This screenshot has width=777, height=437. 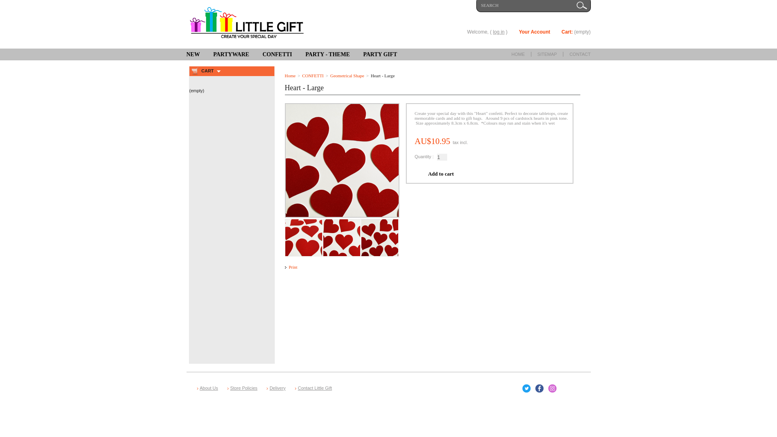 I want to click on 'Cart:', so click(x=567, y=31).